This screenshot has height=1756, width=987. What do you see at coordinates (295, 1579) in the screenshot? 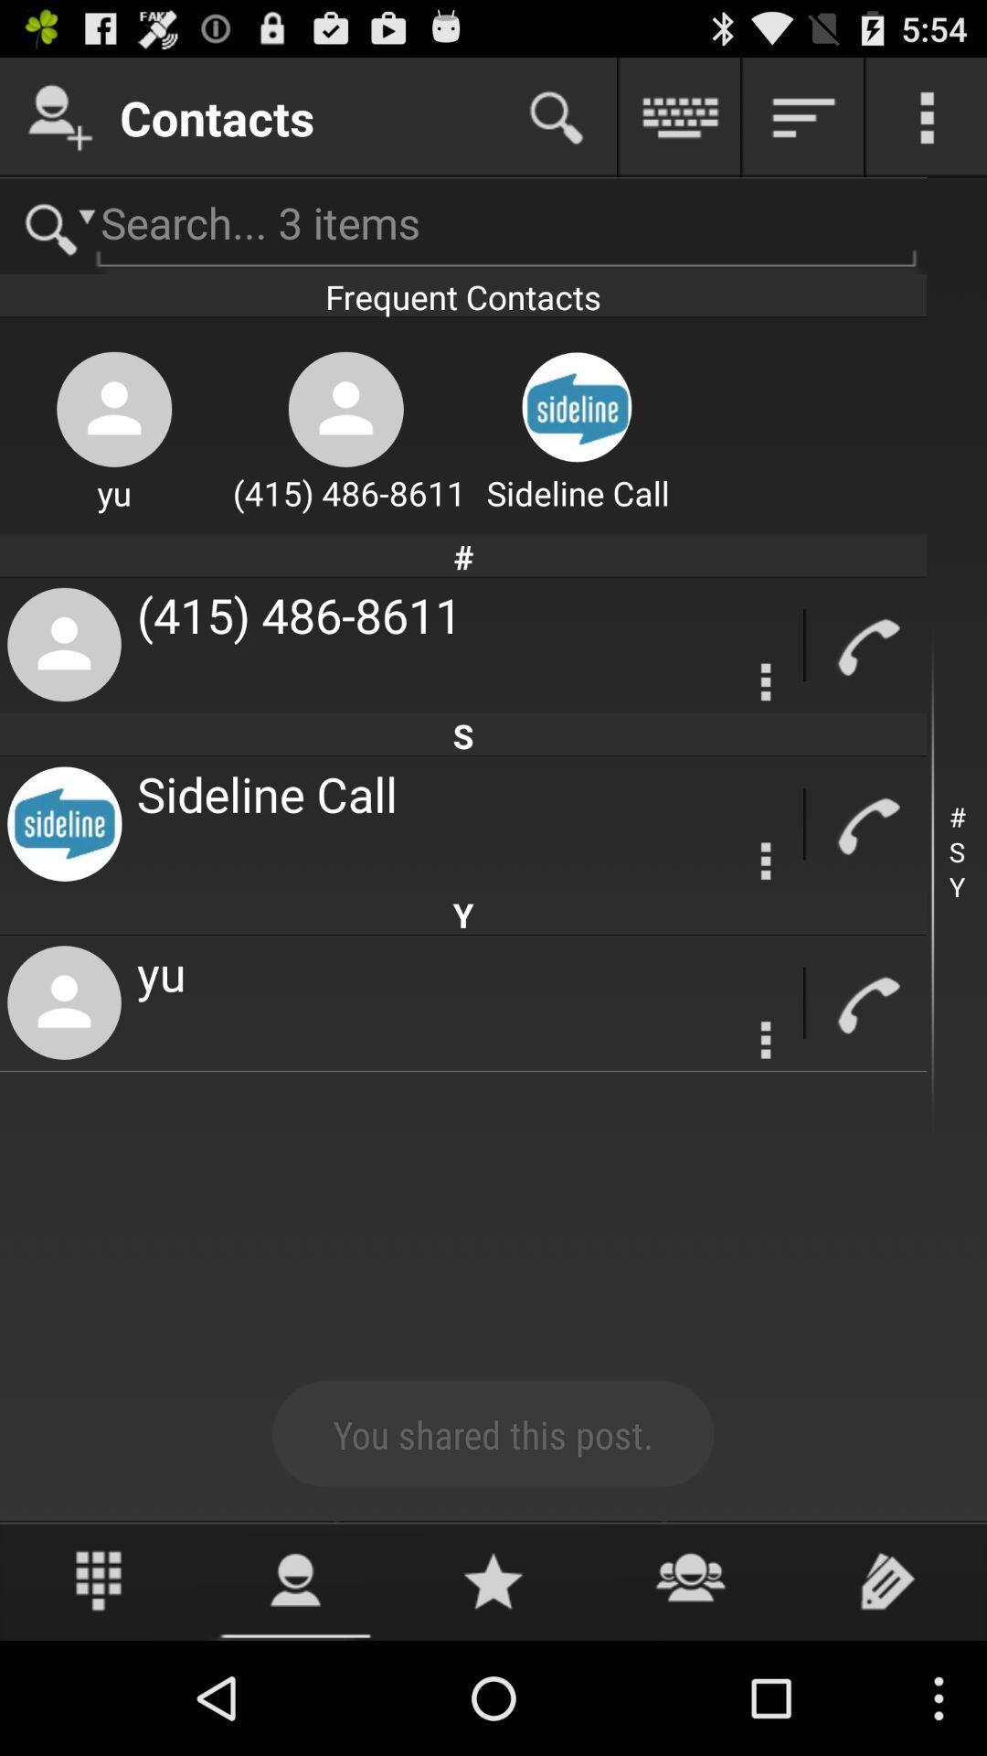
I see `see profile` at bounding box center [295, 1579].